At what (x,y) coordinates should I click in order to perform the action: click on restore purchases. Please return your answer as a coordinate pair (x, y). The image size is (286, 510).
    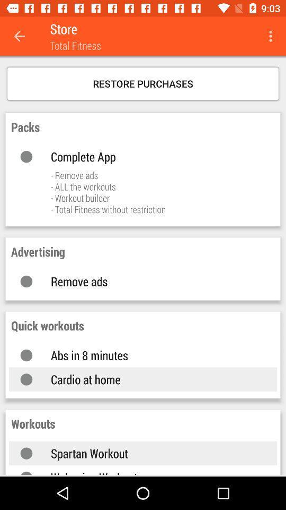
    Looking at the image, I should click on (143, 83).